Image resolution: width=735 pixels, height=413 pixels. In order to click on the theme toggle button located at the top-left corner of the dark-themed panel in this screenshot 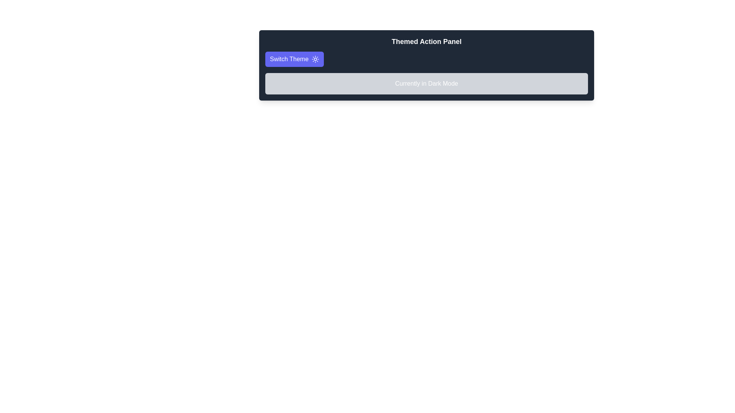, I will do `click(294, 59)`.